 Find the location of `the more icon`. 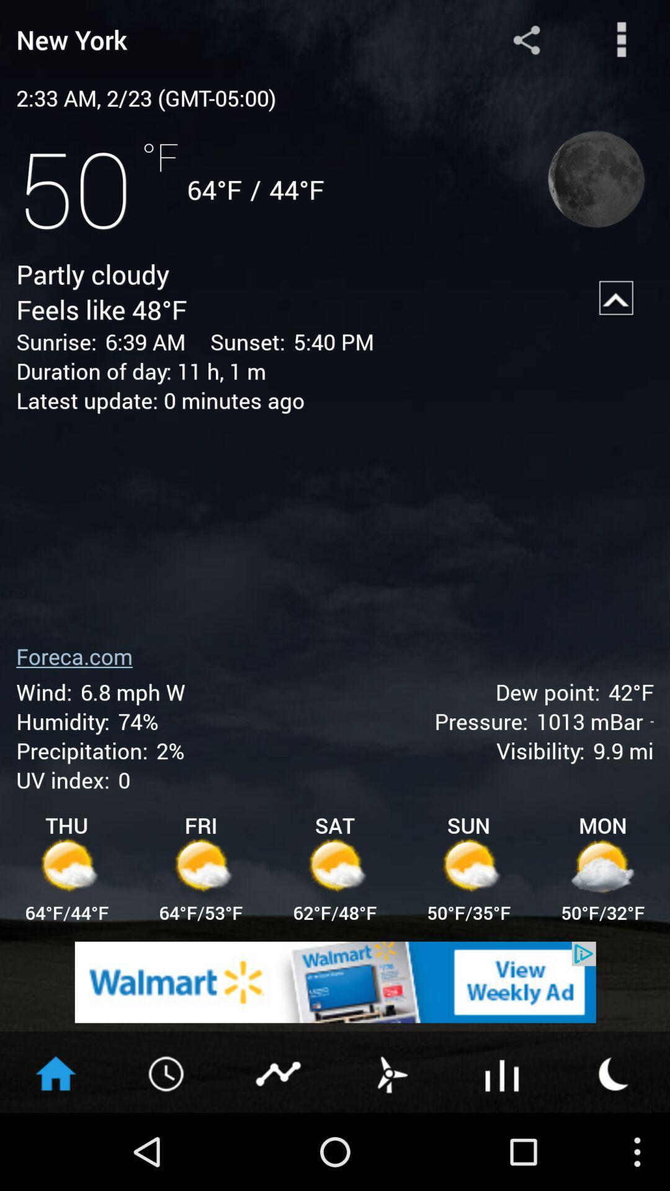

the more icon is located at coordinates (622, 42).